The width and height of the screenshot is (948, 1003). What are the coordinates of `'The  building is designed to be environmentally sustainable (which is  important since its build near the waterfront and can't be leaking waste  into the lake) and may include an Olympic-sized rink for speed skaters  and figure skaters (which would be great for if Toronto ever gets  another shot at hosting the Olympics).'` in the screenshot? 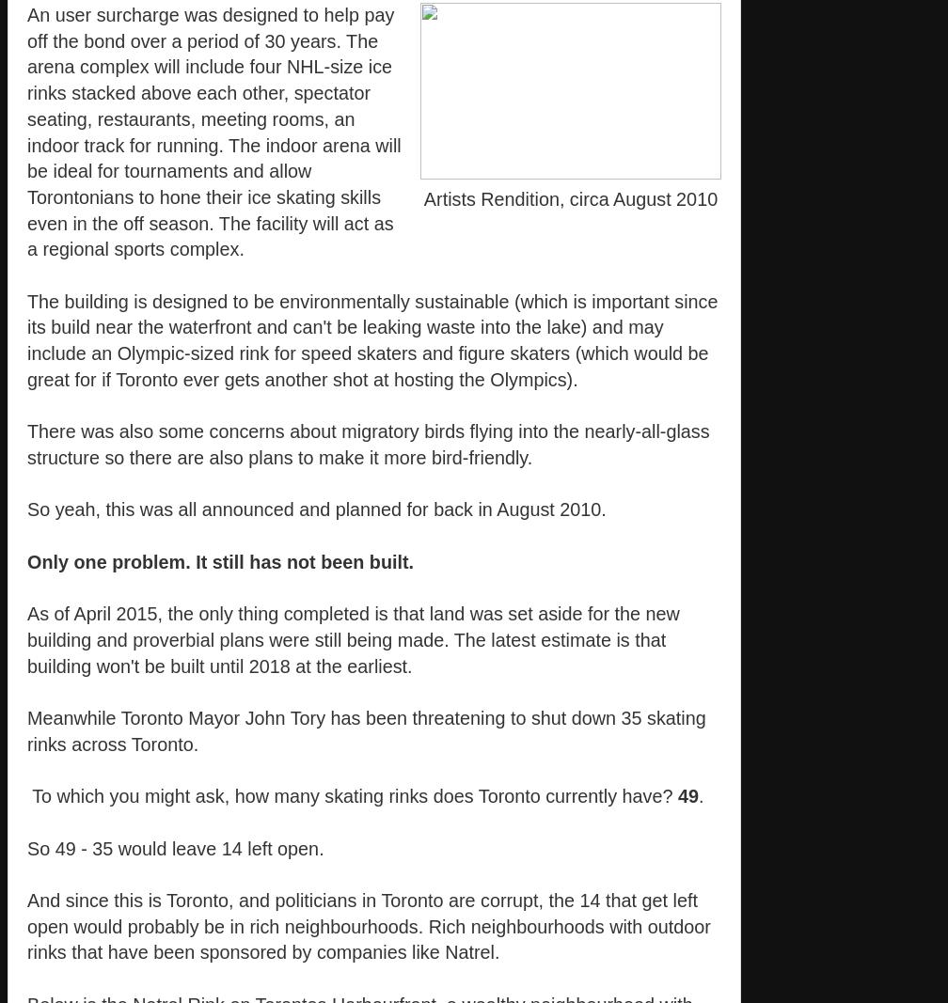 It's located at (372, 338).